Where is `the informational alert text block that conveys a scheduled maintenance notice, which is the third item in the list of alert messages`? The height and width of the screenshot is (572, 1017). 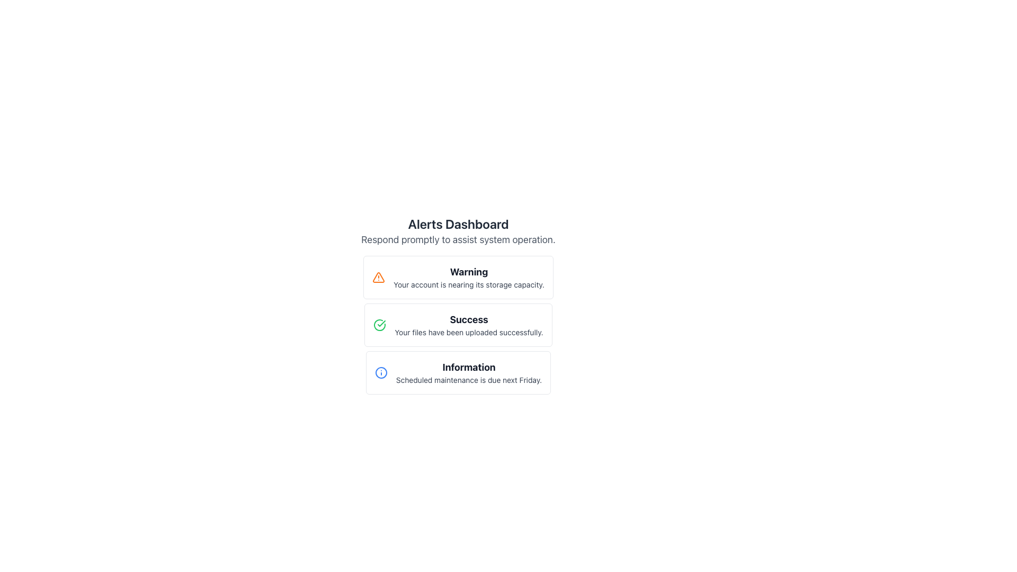
the informational alert text block that conveys a scheduled maintenance notice, which is the third item in the list of alert messages is located at coordinates (468, 372).